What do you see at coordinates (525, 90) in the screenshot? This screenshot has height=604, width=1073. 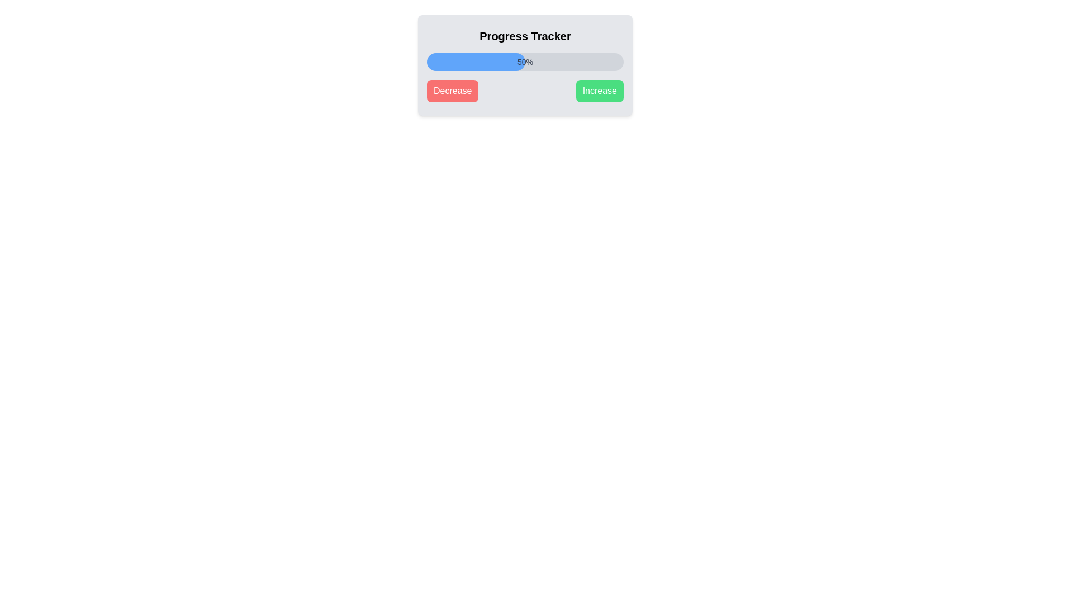 I see `the 'Decrease' button located in the Group containing interactive buttons at the bottom section of the 'Progress Tracker' component to lower the value` at bounding box center [525, 90].